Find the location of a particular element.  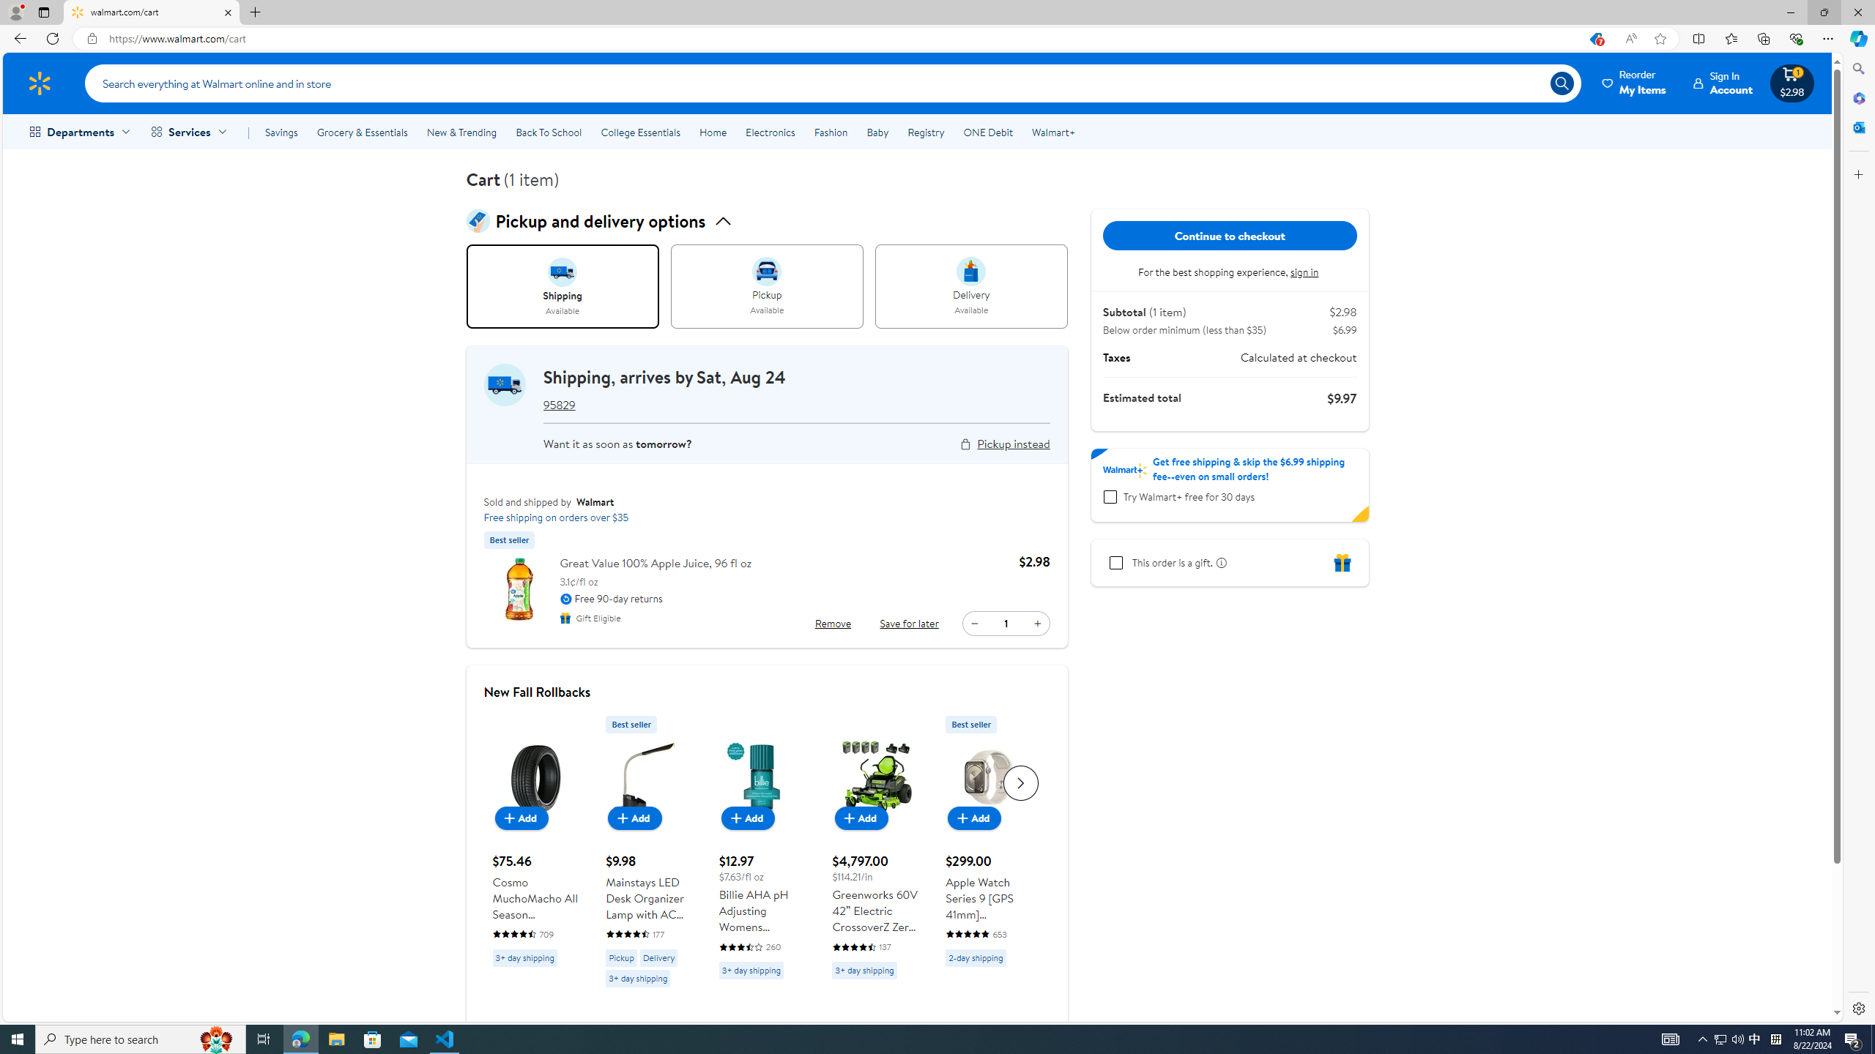

'intent image for delivery' is located at coordinates (970, 272).